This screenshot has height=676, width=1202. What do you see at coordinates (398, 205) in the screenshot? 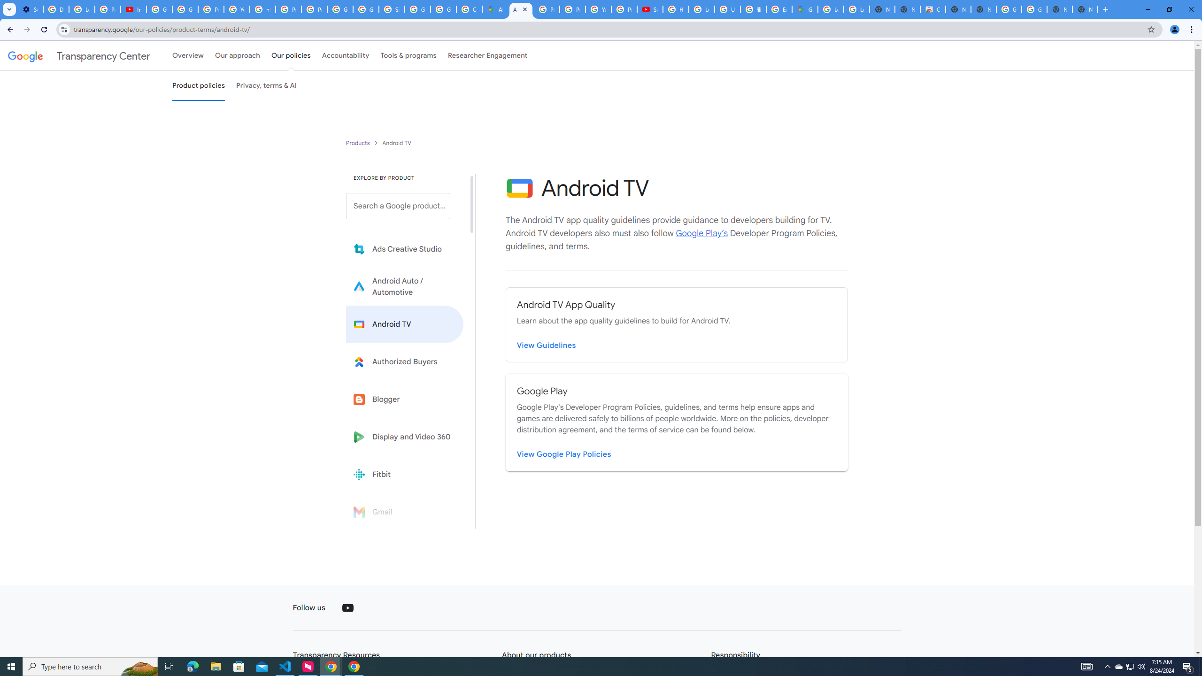
I see `'Search a Google product from below list.'` at bounding box center [398, 205].